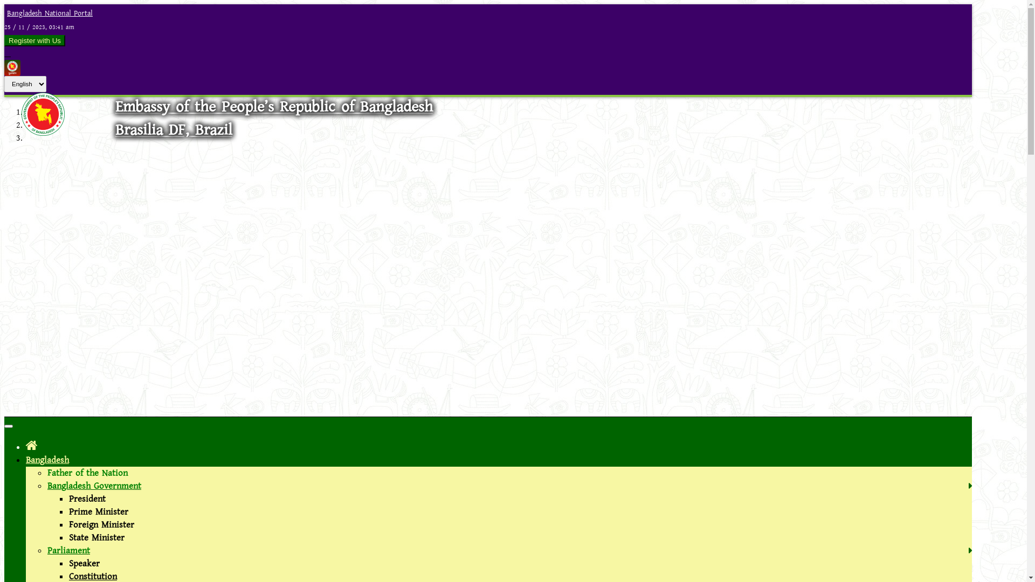 The image size is (1035, 582). I want to click on 'Logo', so click(43, 132).